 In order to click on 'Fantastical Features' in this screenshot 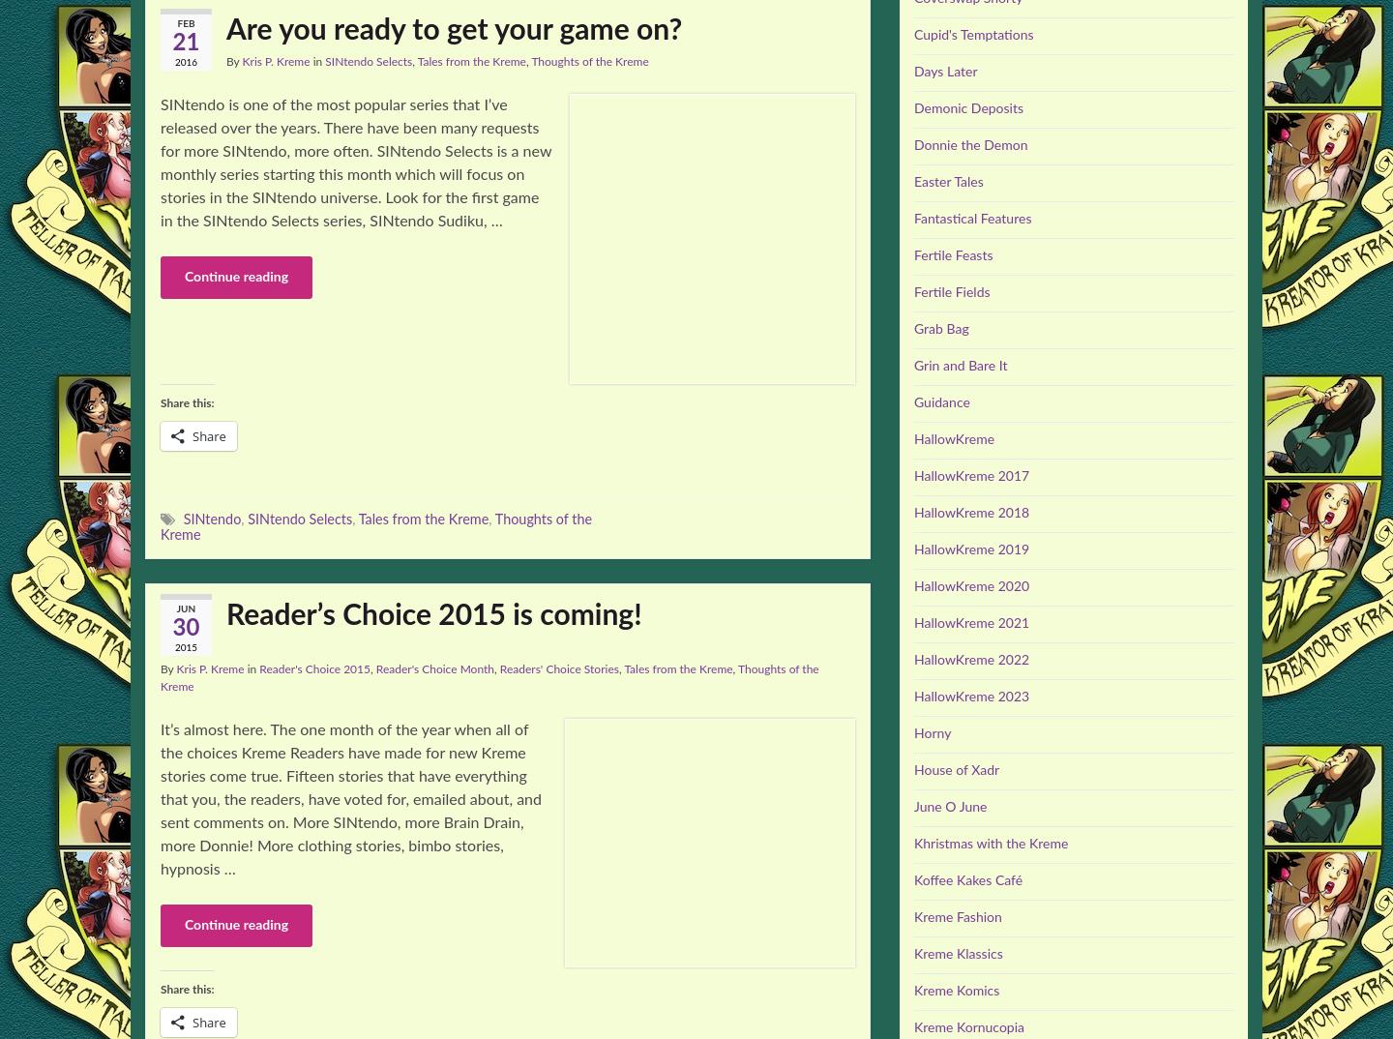, I will do `click(971, 219)`.